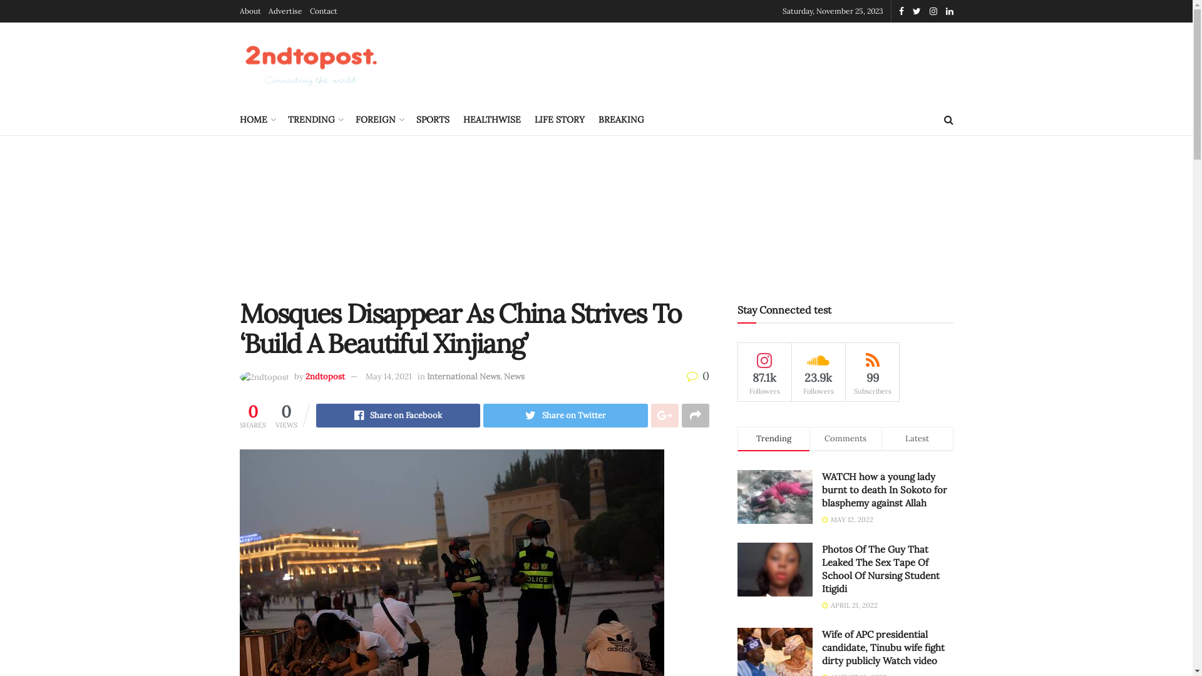  I want to click on 'FOREIGN', so click(378, 120).